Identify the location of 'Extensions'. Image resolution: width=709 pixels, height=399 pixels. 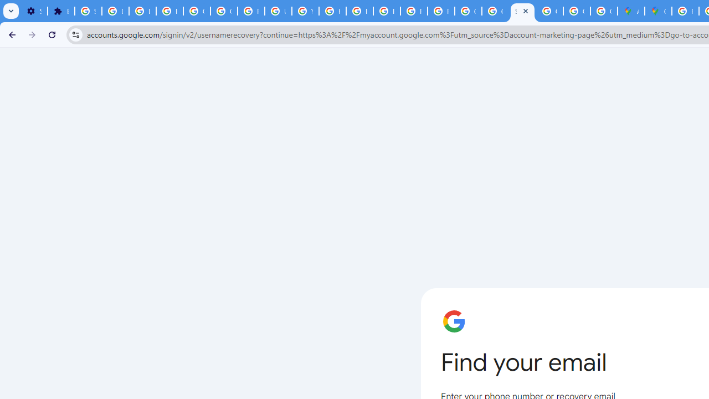
(60, 11).